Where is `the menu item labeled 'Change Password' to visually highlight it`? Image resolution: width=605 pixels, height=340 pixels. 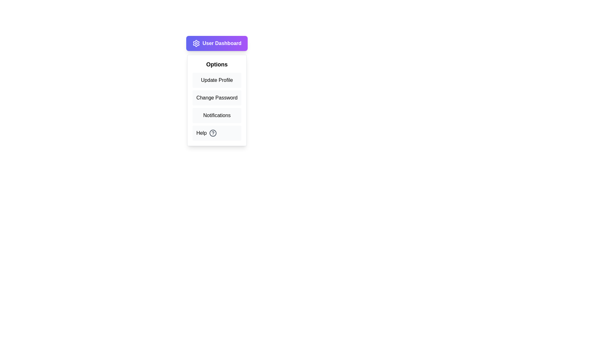
the menu item labeled 'Change Password' to visually highlight it is located at coordinates (217, 98).